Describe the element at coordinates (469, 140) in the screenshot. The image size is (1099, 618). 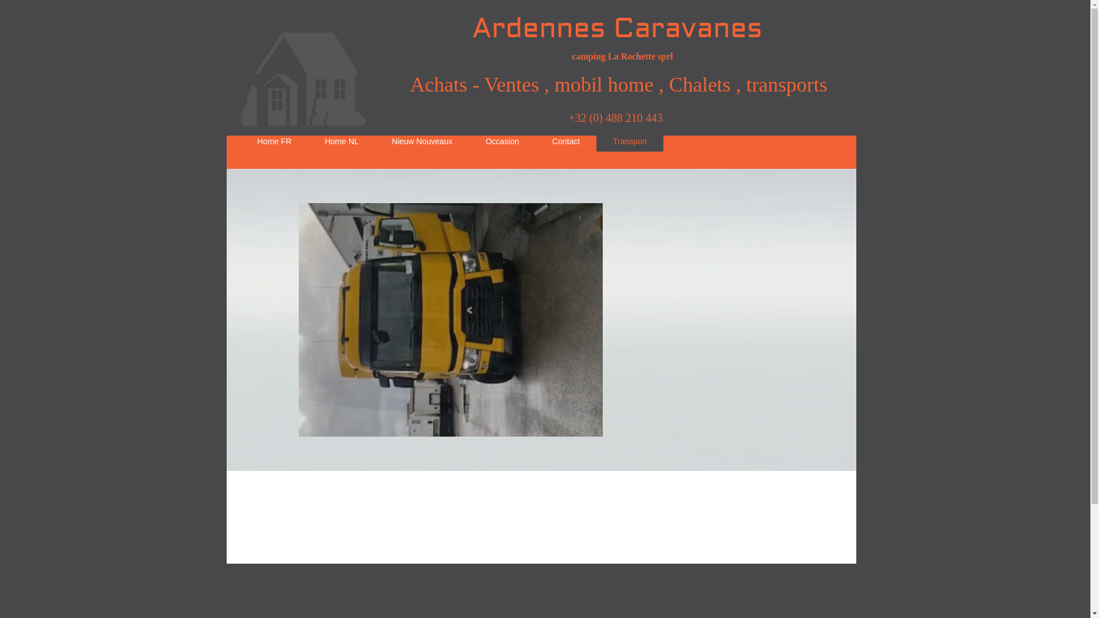
I see `'Occasion'` at that location.